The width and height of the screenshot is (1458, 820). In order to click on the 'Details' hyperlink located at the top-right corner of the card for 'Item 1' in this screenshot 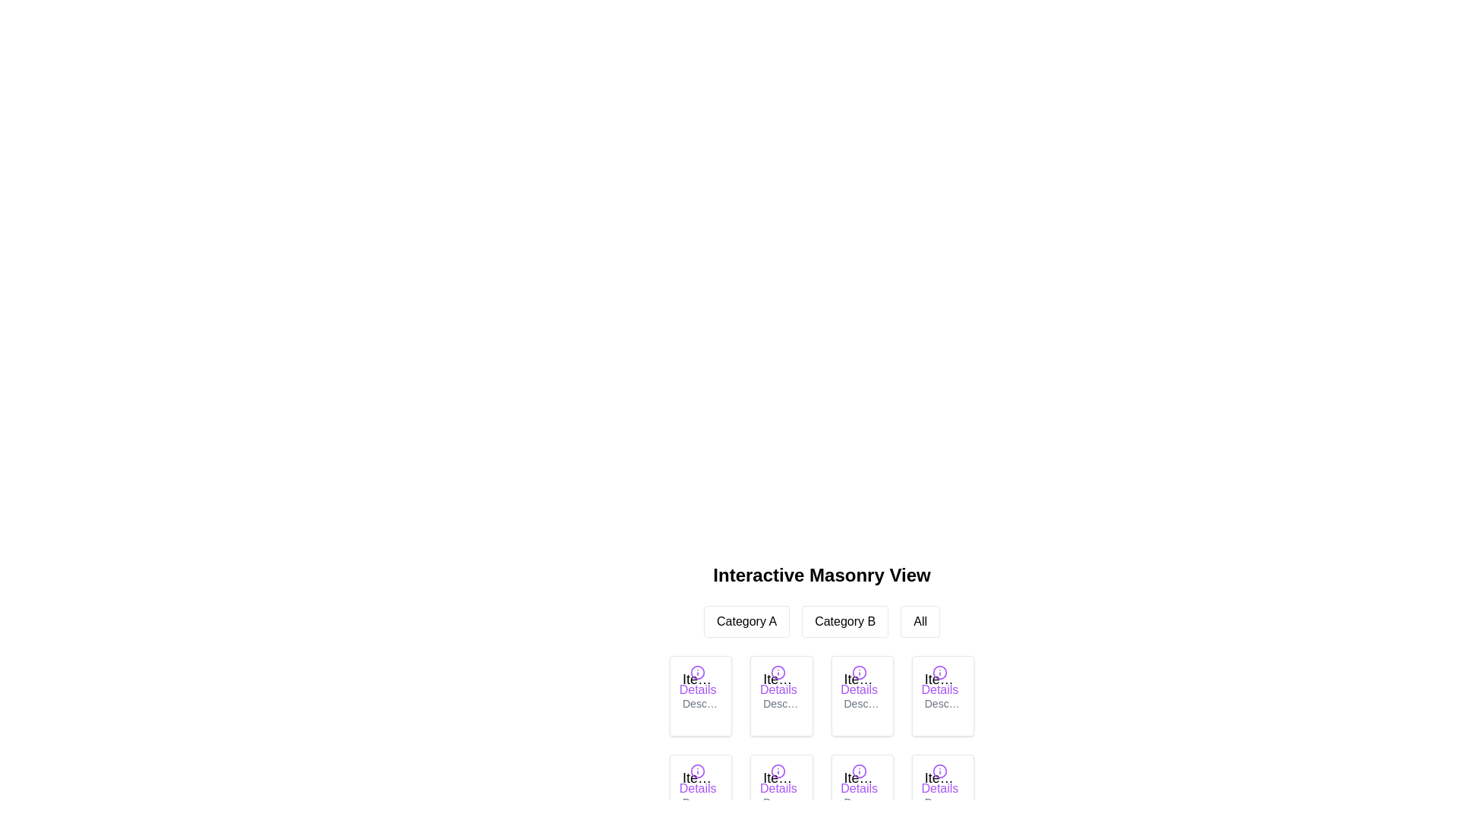, I will do `click(697, 680)`.